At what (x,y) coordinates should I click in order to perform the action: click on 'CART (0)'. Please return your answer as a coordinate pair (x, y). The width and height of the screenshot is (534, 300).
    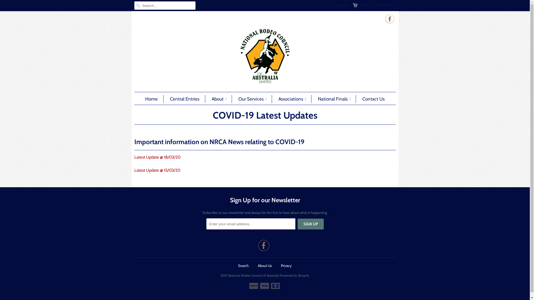
    Looking at the image, I should click on (362, 5).